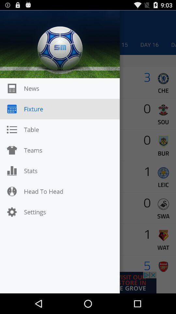 Image resolution: width=176 pixels, height=314 pixels. Describe the element at coordinates (12, 170) in the screenshot. I see `the icon which is before stats` at that location.